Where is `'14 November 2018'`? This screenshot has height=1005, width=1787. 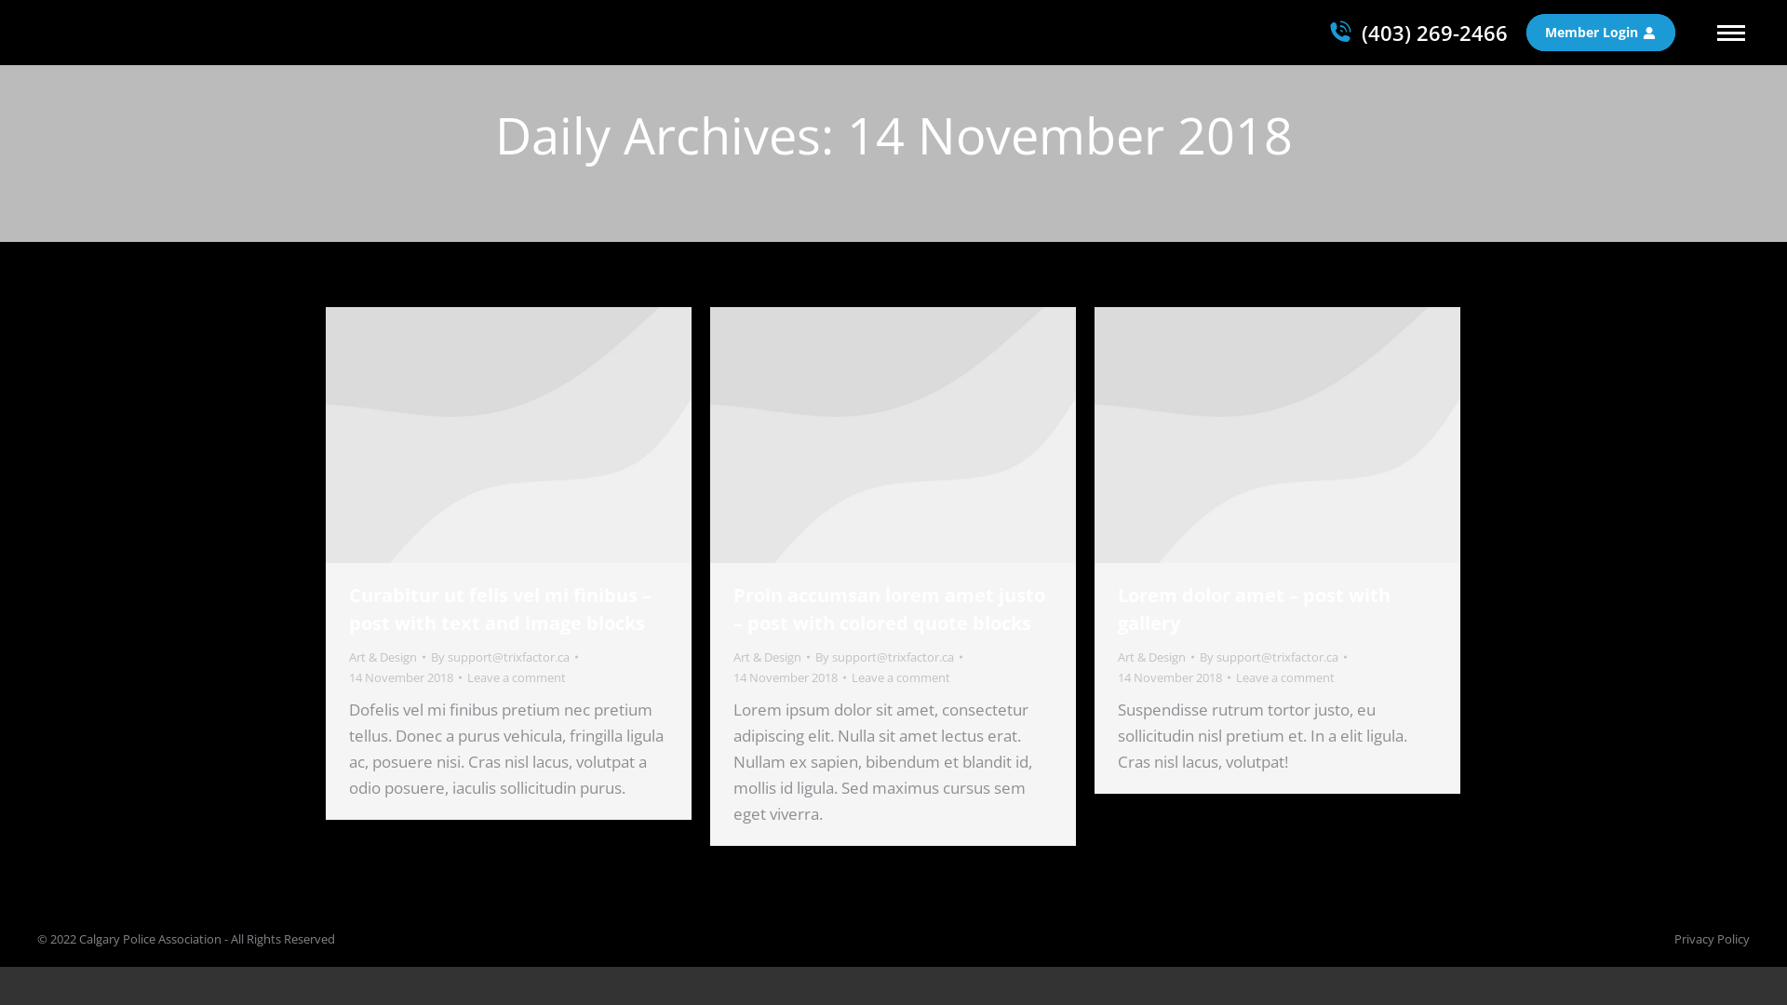
'14 November 2018' is located at coordinates (1173, 677).